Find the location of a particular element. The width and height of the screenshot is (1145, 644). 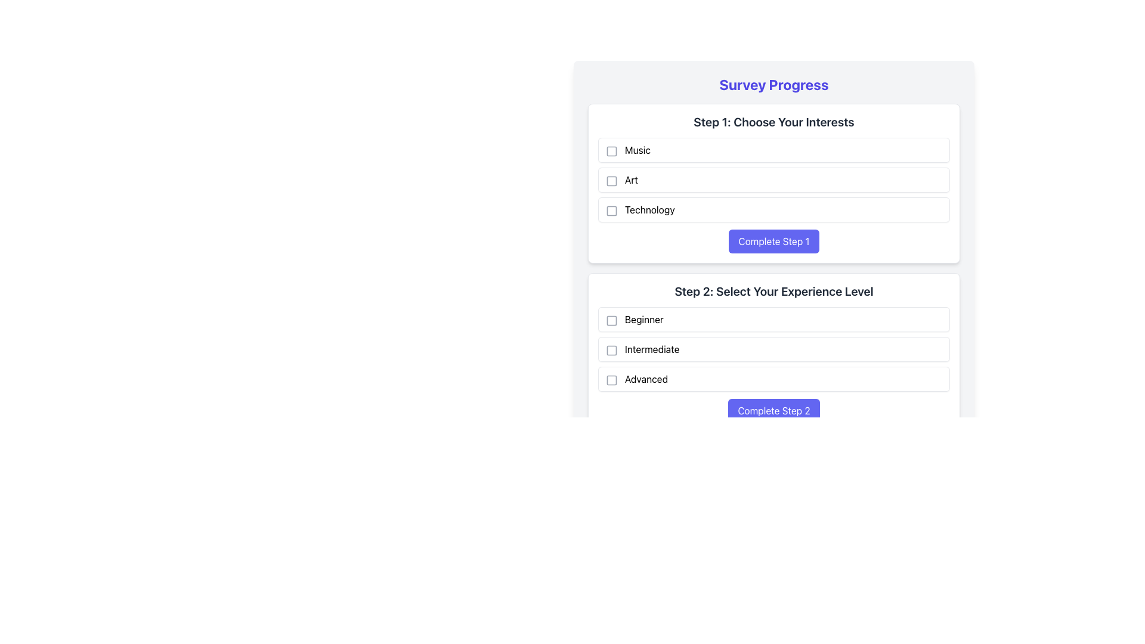

the checkbox labeled 'Art' located under 'Step 1: Choose Your Interests' is located at coordinates (773, 179).